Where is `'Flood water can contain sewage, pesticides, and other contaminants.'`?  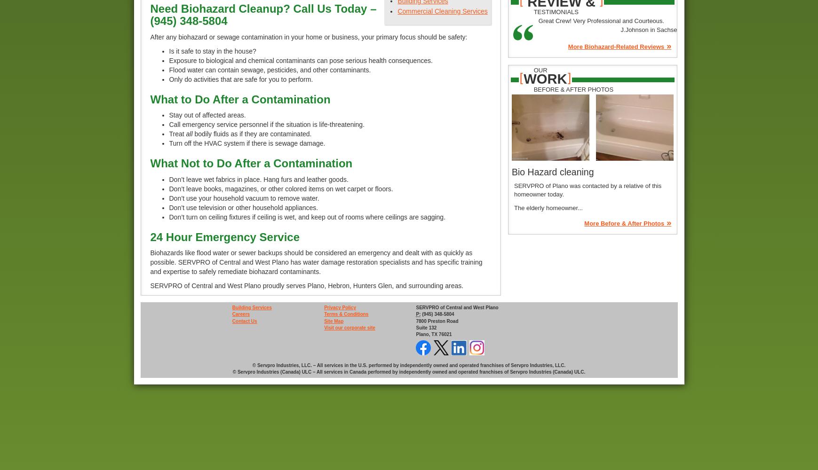
'Flood water can contain sewage, pesticides, and other contaminants.' is located at coordinates (270, 70).